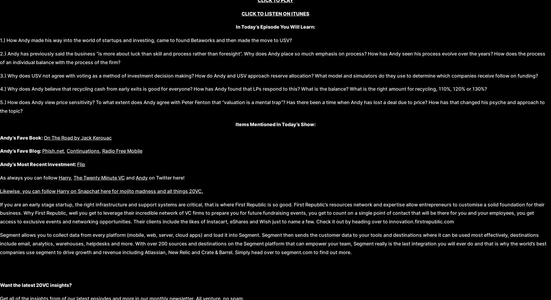 The height and width of the screenshot is (300, 551). I want to click on 'Radio Free Mobile', so click(122, 151).